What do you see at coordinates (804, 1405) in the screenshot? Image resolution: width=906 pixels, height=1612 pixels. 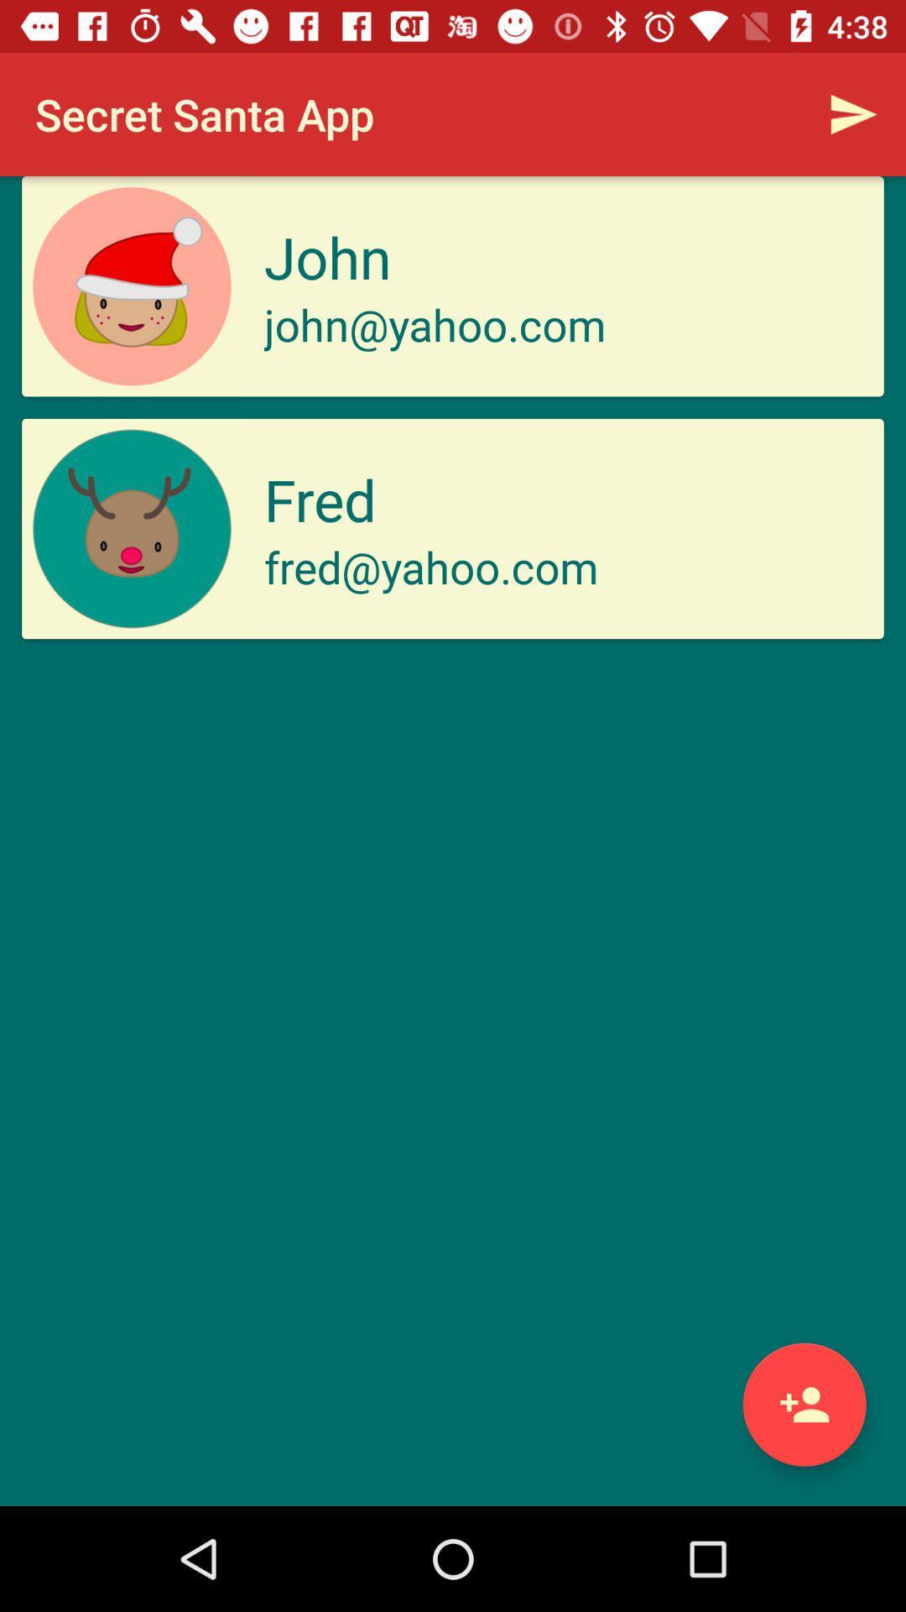 I see `the item at the bottom right corner` at bounding box center [804, 1405].